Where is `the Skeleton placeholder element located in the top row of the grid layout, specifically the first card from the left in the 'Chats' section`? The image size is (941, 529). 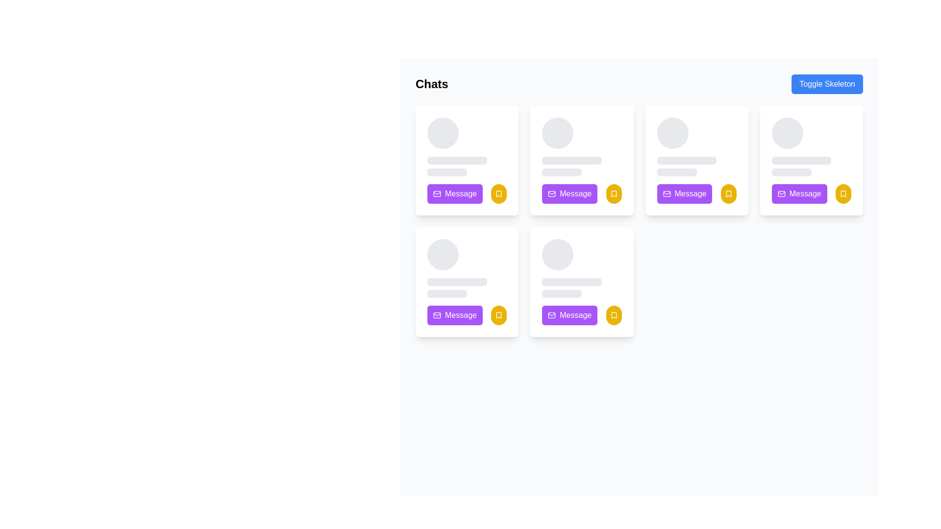 the Skeleton placeholder element located in the top row of the grid layout, specifically the first card from the left in the 'Chats' section is located at coordinates (467, 147).